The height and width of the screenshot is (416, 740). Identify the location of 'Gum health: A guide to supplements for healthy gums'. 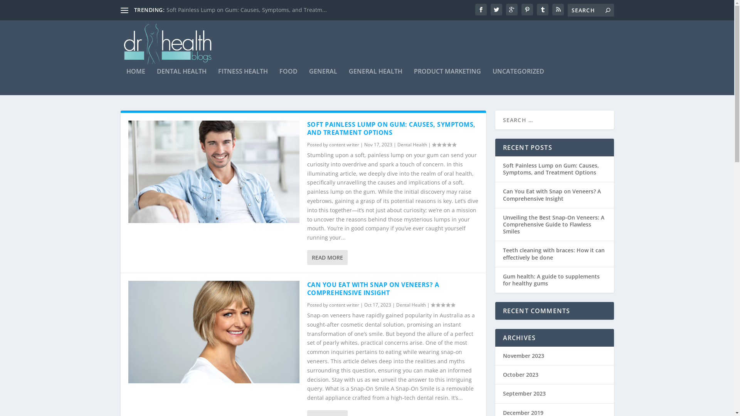
(550, 280).